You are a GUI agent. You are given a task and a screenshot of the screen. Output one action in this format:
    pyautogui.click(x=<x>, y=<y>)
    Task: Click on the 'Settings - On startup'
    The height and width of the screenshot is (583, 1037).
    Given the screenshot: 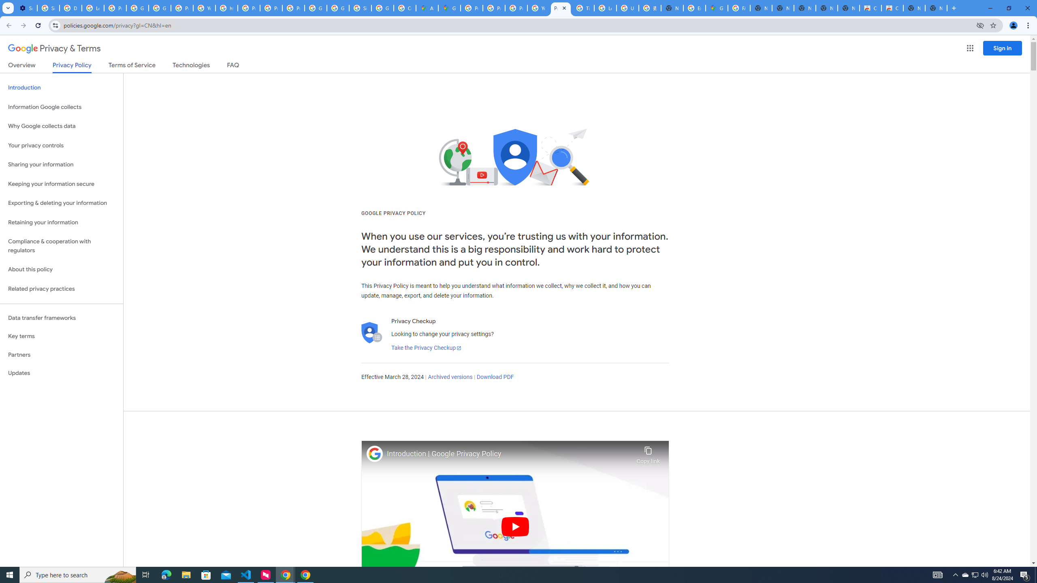 What is the action you would take?
    pyautogui.click(x=26, y=8)
    